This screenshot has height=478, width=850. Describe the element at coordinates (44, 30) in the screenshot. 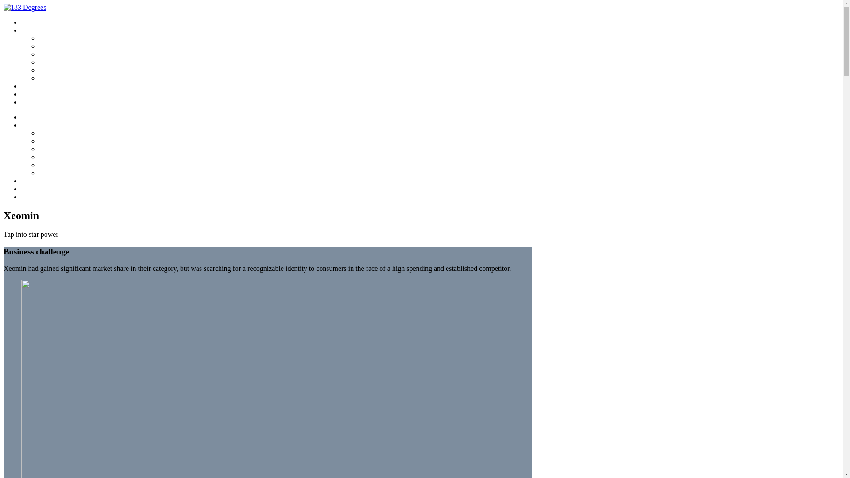

I see `'Featured Projects'` at that location.